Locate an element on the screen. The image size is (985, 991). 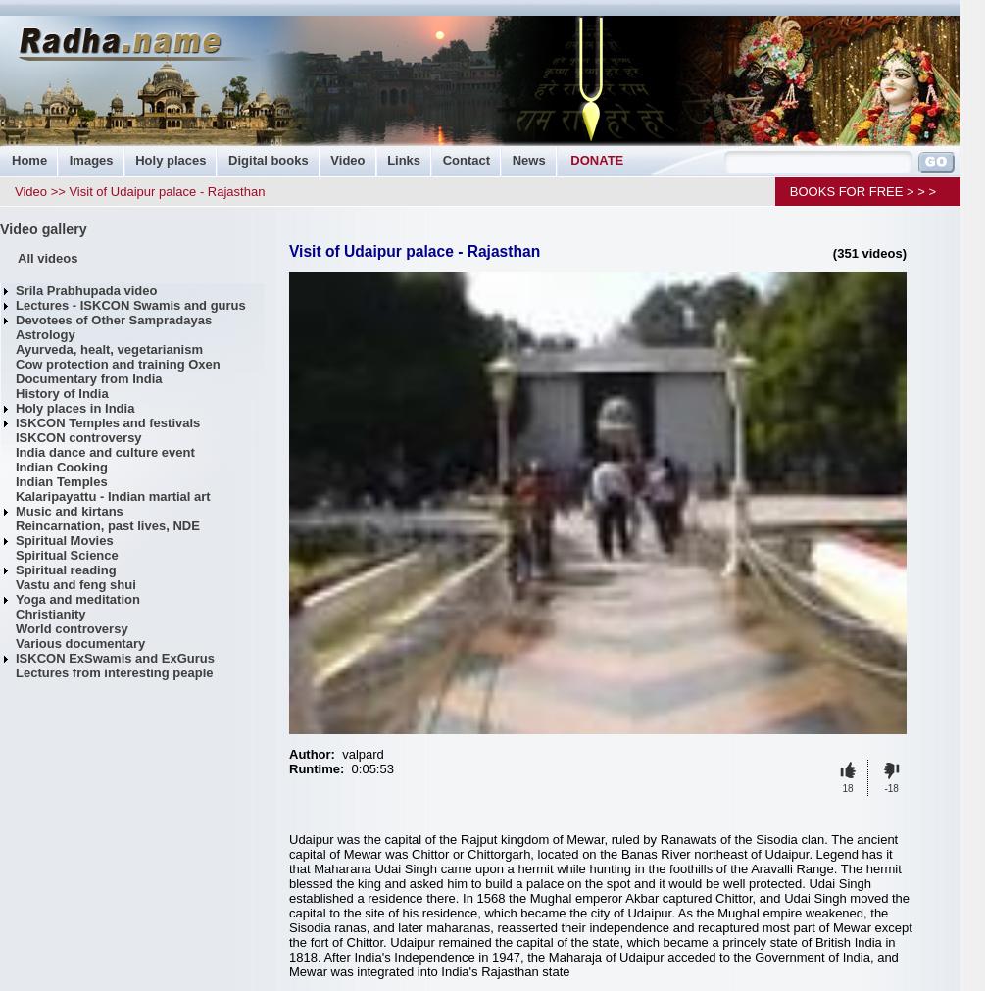
'Indian Cooking' is located at coordinates (61, 466).